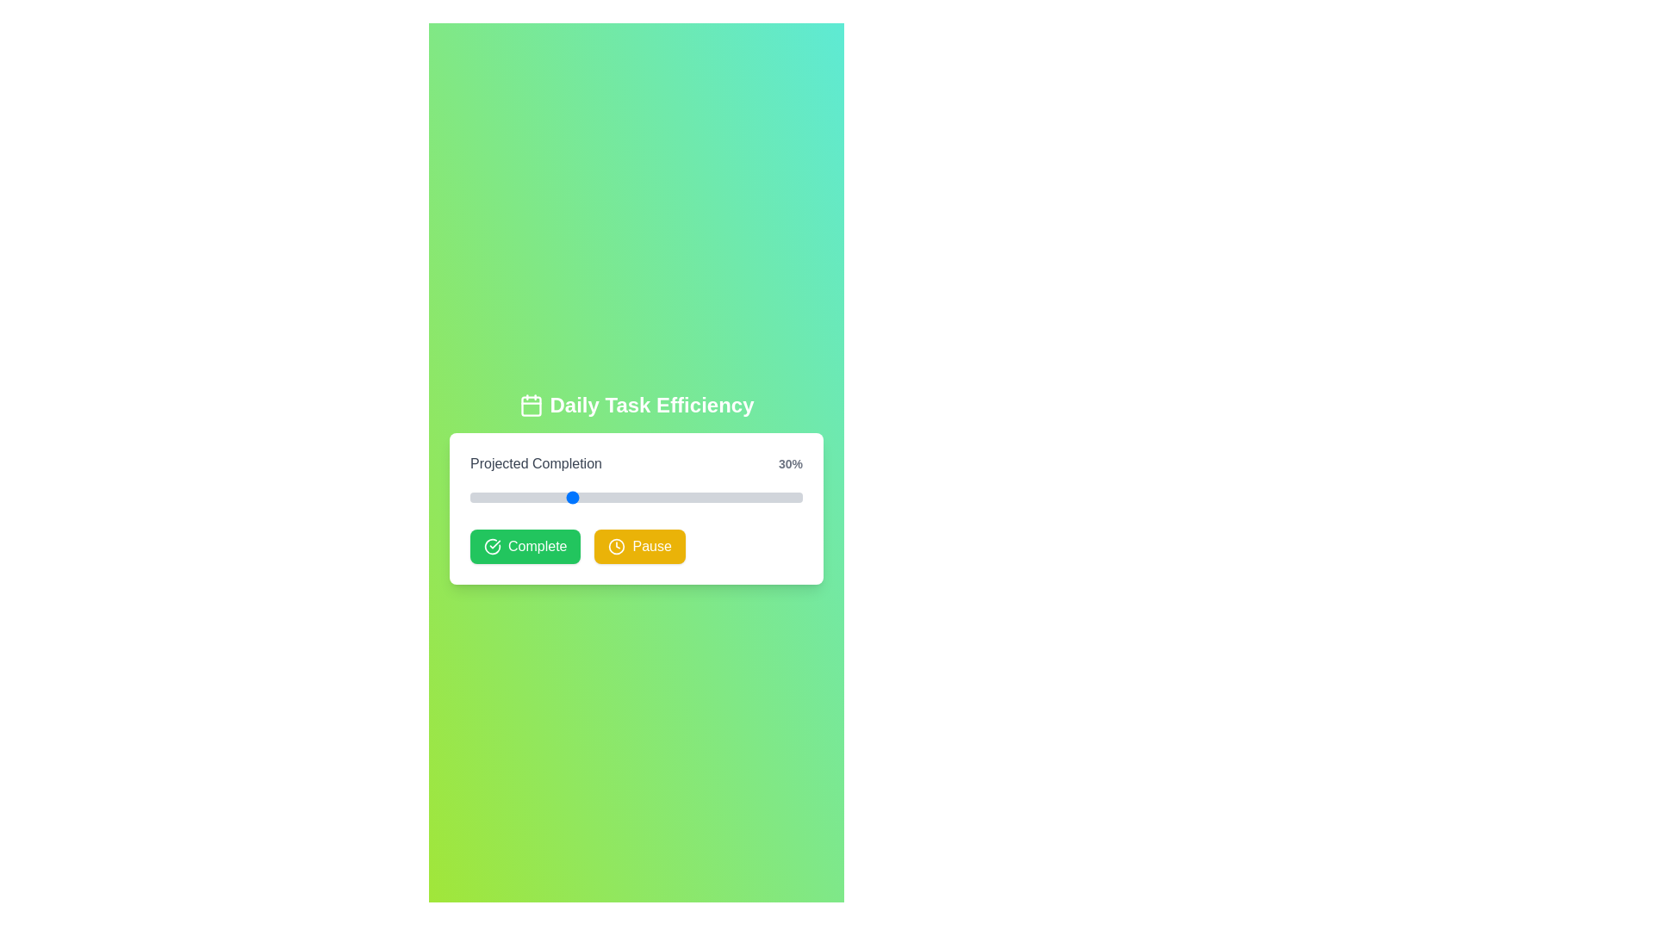 This screenshot has width=1654, height=930. I want to click on the slider to set the progress to 63%, so click(679, 498).